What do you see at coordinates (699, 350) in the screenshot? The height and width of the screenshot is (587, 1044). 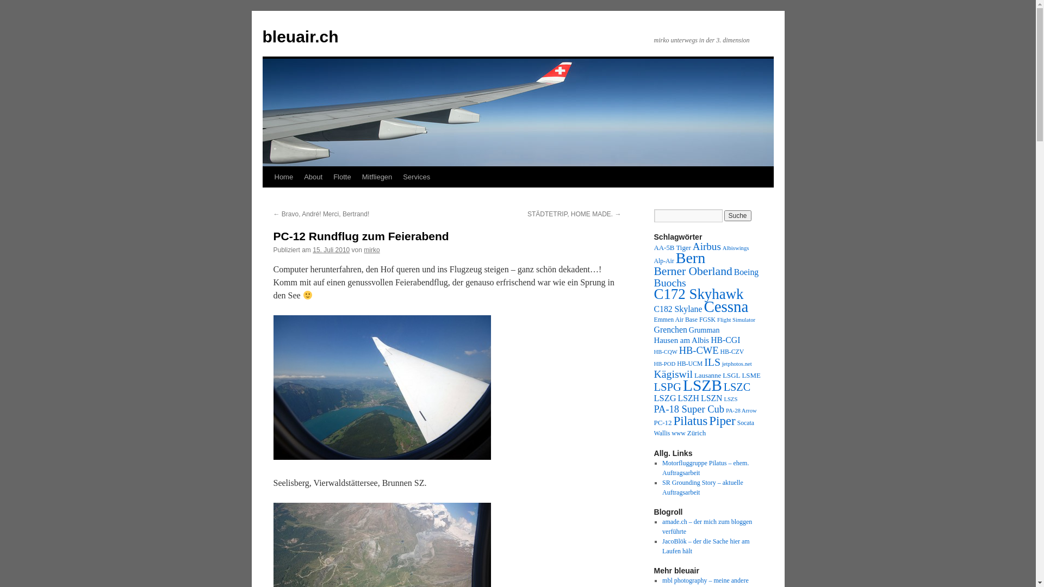 I see `'HB-CWE'` at bounding box center [699, 350].